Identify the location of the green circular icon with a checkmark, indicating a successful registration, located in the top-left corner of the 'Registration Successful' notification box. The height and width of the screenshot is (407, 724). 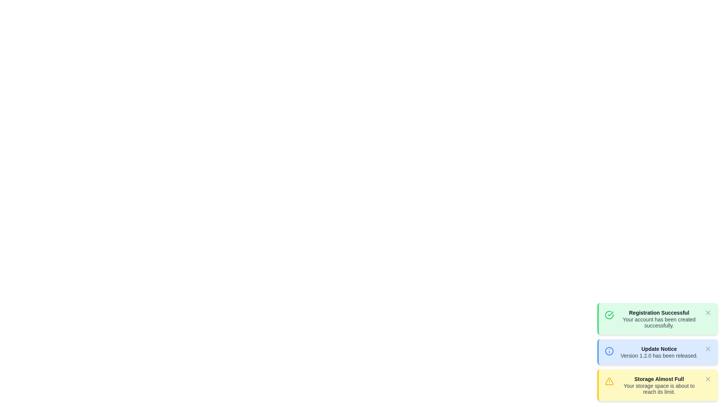
(609, 314).